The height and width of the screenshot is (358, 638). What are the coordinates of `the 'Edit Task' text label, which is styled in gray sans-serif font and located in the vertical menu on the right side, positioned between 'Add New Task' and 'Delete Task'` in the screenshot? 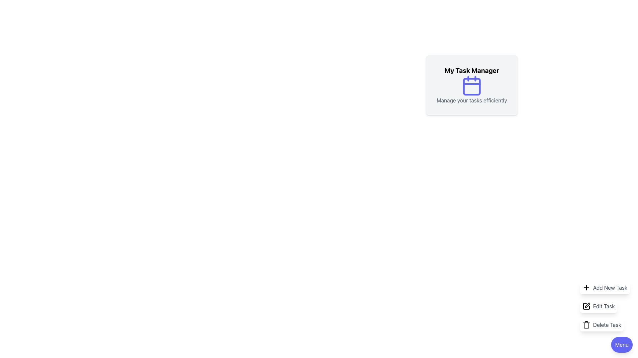 It's located at (604, 306).